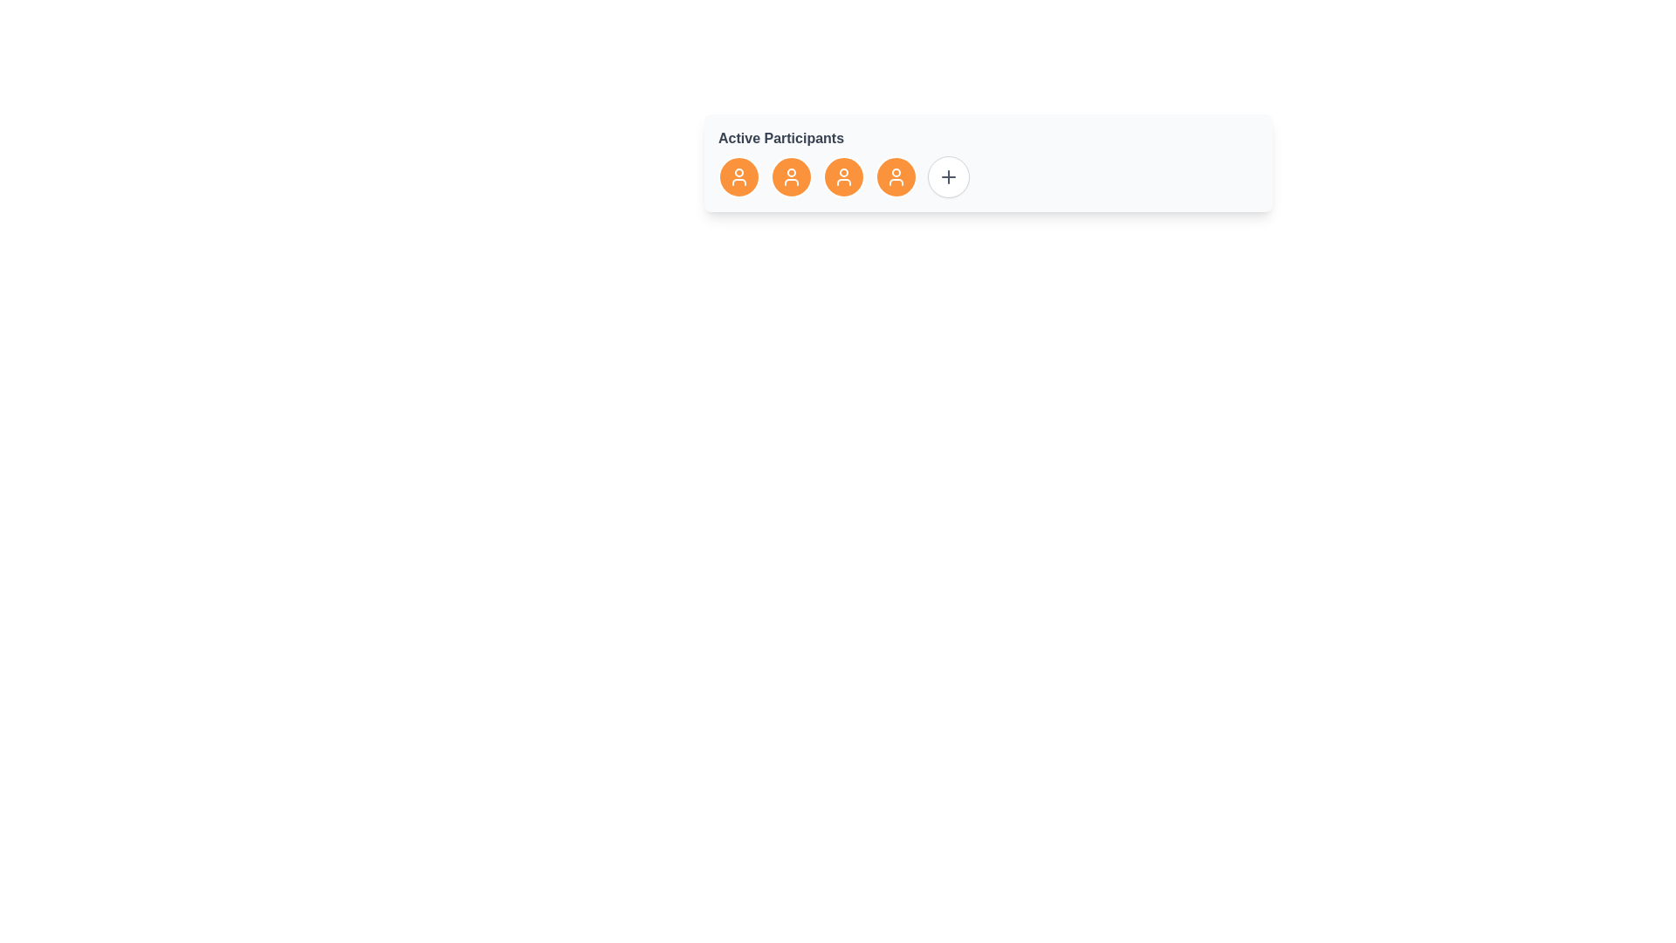 This screenshot has height=943, width=1676. Describe the element at coordinates (791, 177) in the screenshot. I see `the user icon embedded in the second circular orange button within the 'Active Participants' section of the white card interface` at that location.